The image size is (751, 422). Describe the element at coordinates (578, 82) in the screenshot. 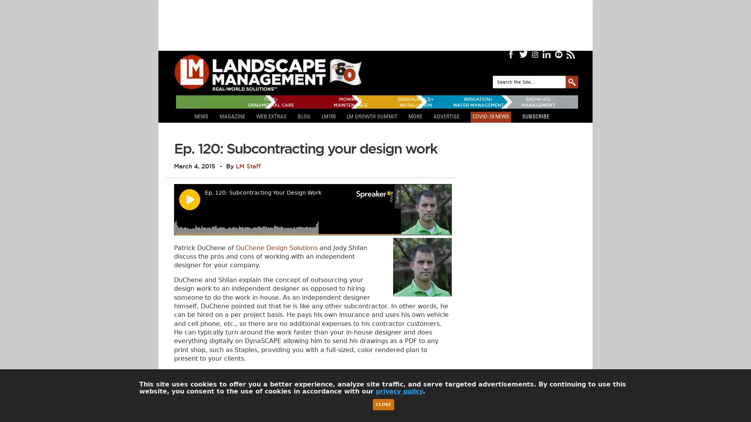

I see `GO` at that location.